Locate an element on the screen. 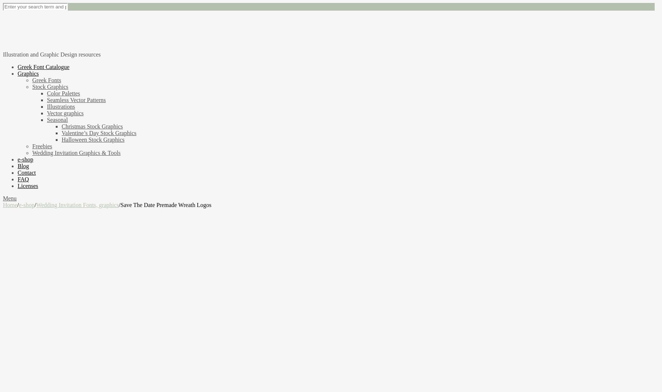 Image resolution: width=662 pixels, height=392 pixels. 'Contact' is located at coordinates (26, 172).